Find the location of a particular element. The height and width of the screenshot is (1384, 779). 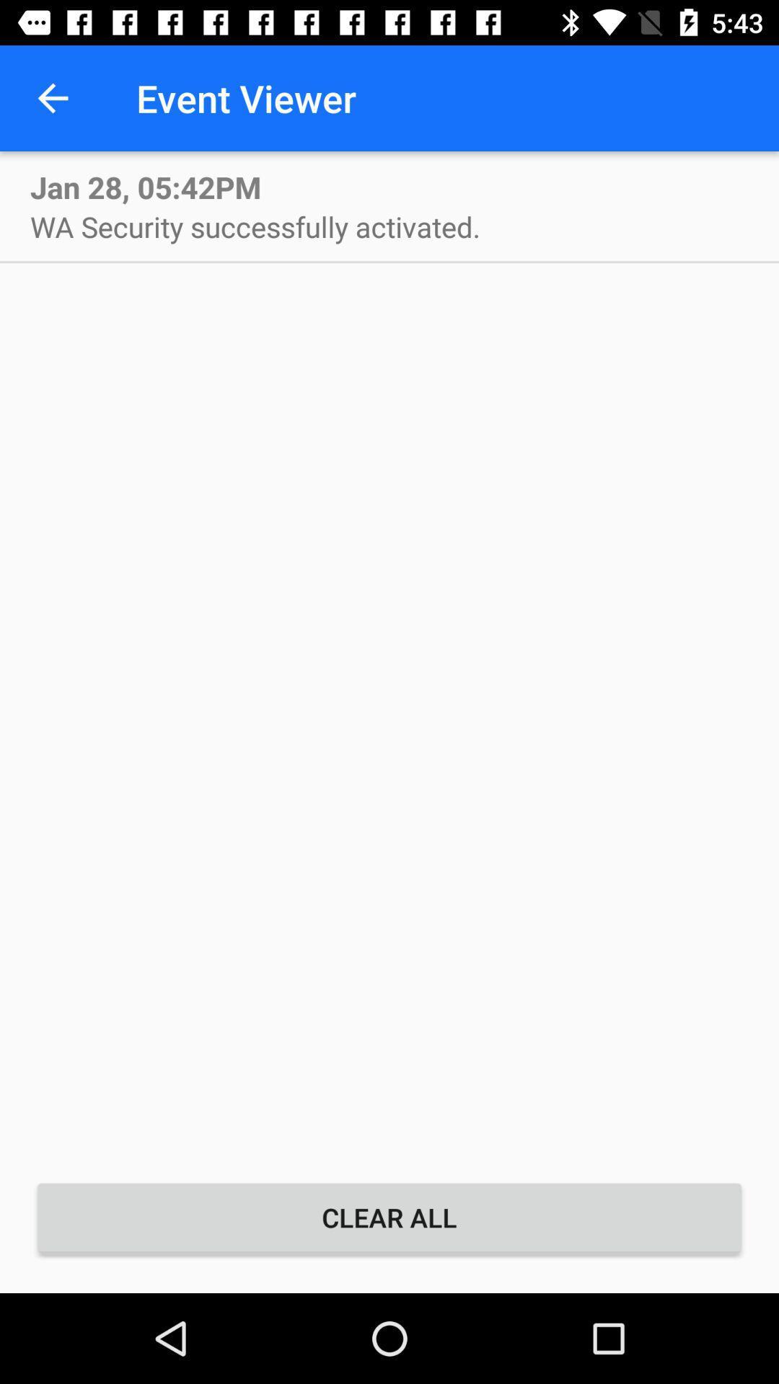

the clear all item is located at coordinates (389, 1217).